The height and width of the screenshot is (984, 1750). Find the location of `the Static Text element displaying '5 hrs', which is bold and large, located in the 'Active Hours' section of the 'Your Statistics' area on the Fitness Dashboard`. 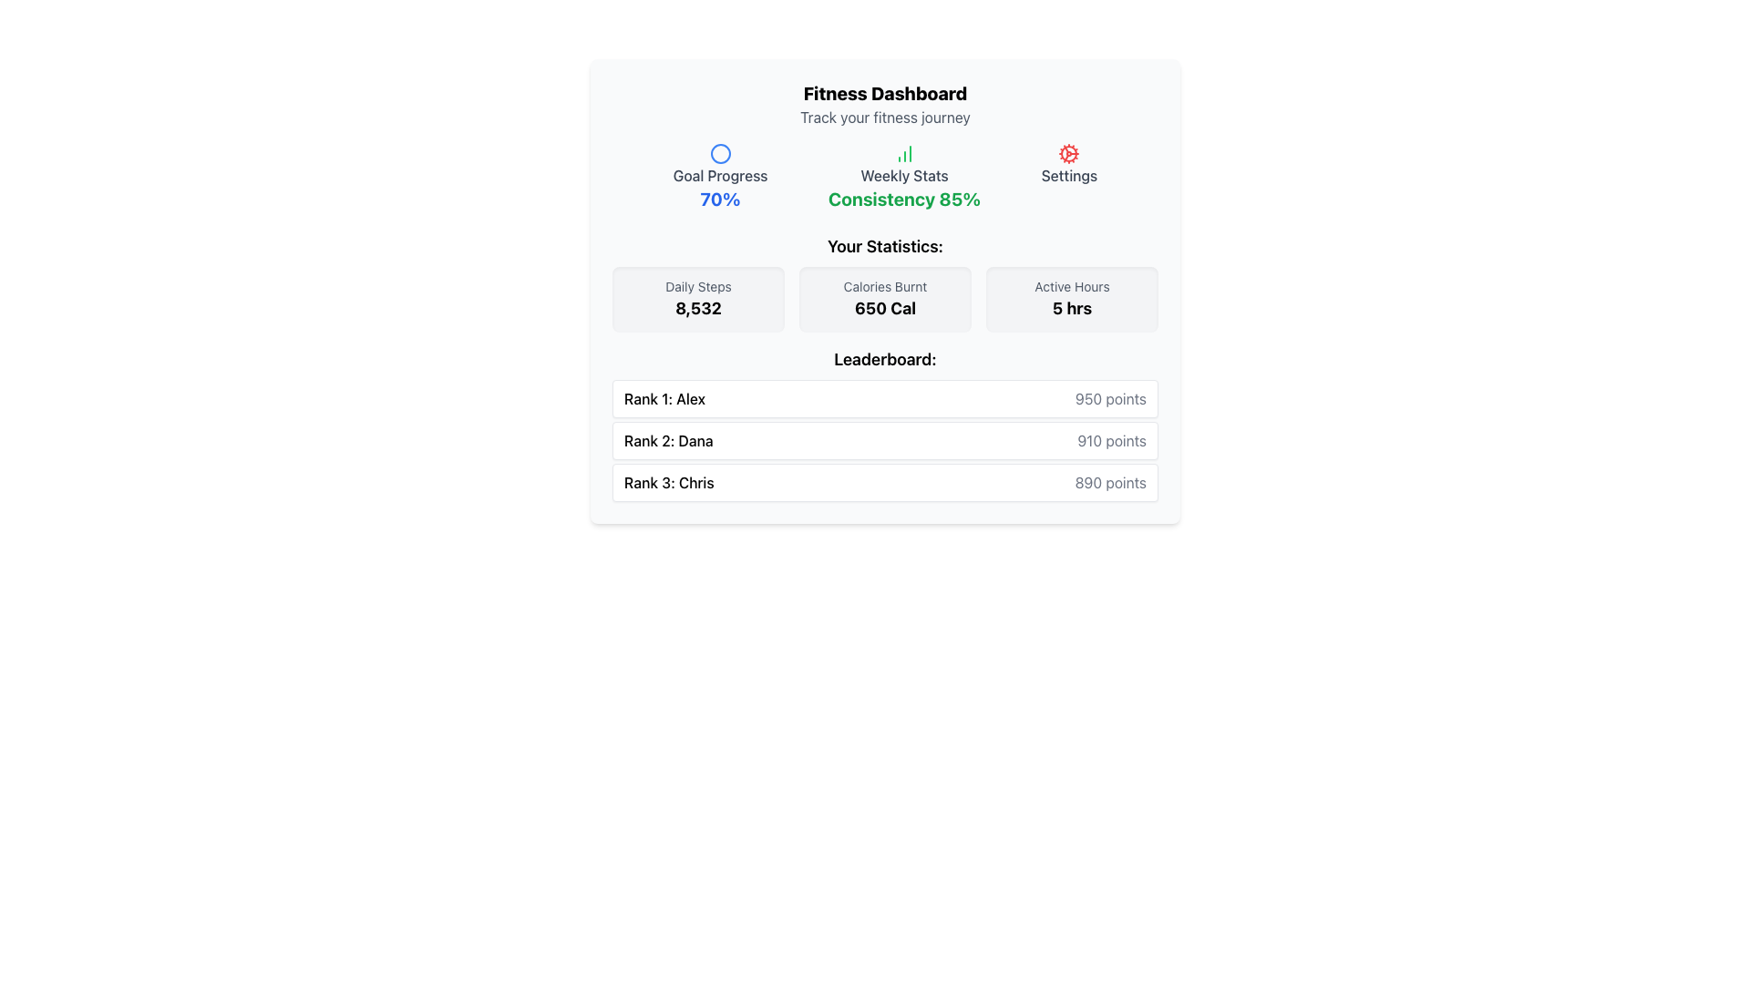

the Static Text element displaying '5 hrs', which is bold and large, located in the 'Active Hours' section of the 'Your Statistics' area on the Fitness Dashboard is located at coordinates (1072, 308).